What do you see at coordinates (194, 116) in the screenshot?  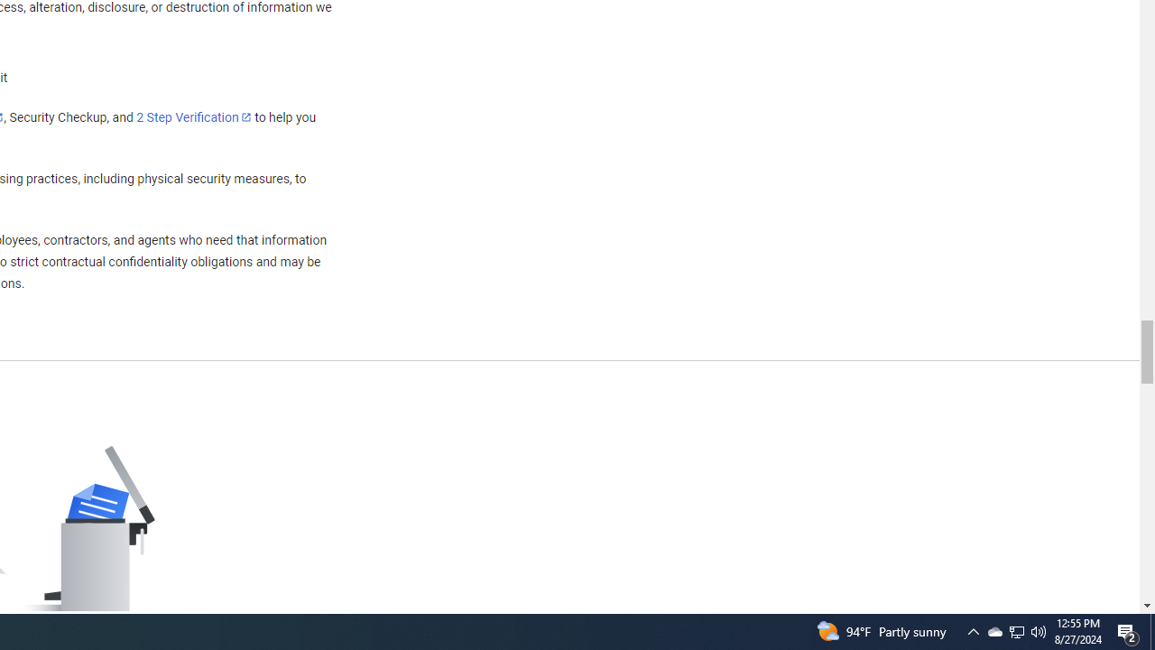 I see `'2 Step Verification'` at bounding box center [194, 116].